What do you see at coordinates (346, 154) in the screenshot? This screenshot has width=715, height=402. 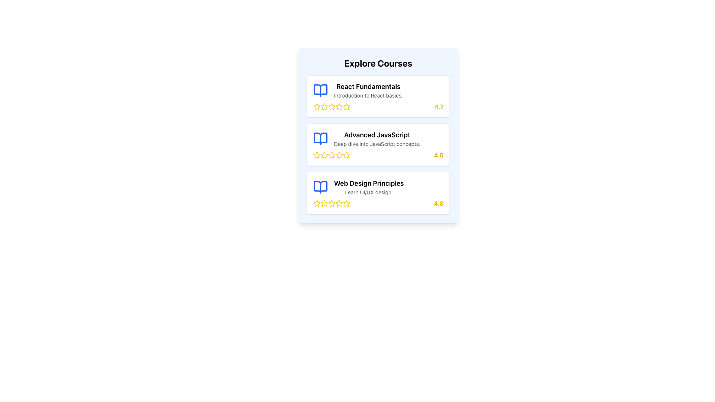 I see `the third star icon from the left under the course titled 'Advanced JavaScript' in the 'Explore Courses' interface to interact with it, assuming interactive options are enabled` at bounding box center [346, 154].